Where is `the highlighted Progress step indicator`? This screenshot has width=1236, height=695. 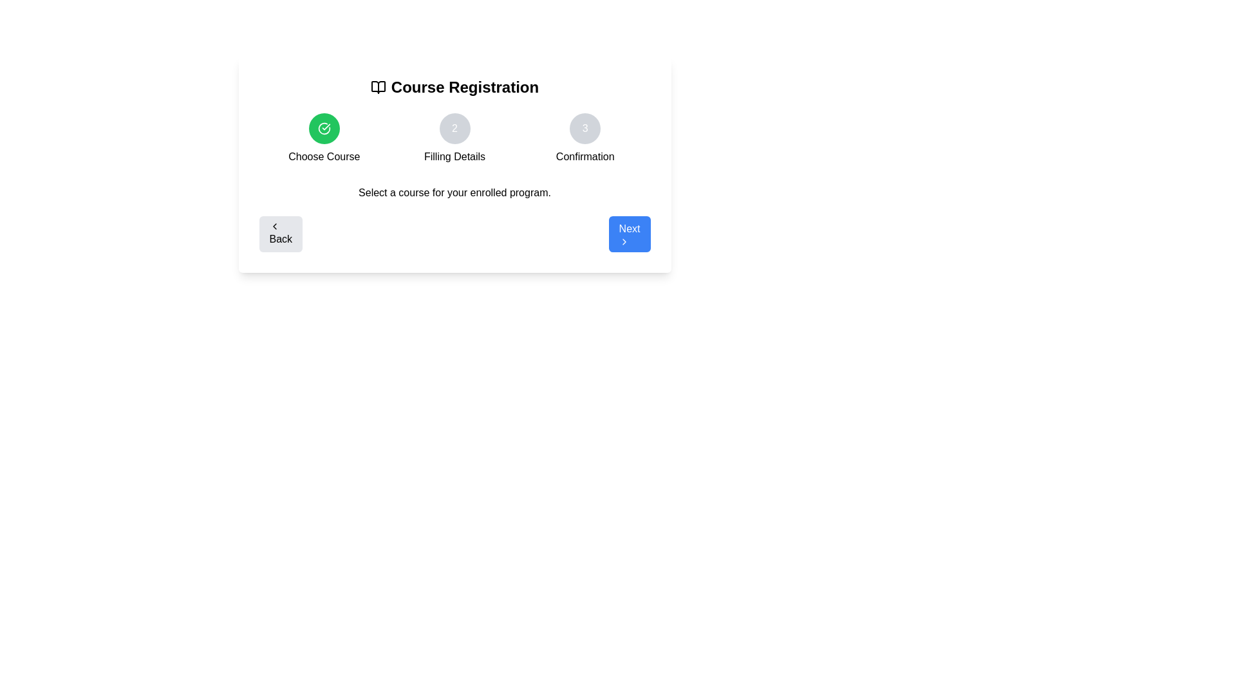
the highlighted Progress step indicator is located at coordinates (324, 139).